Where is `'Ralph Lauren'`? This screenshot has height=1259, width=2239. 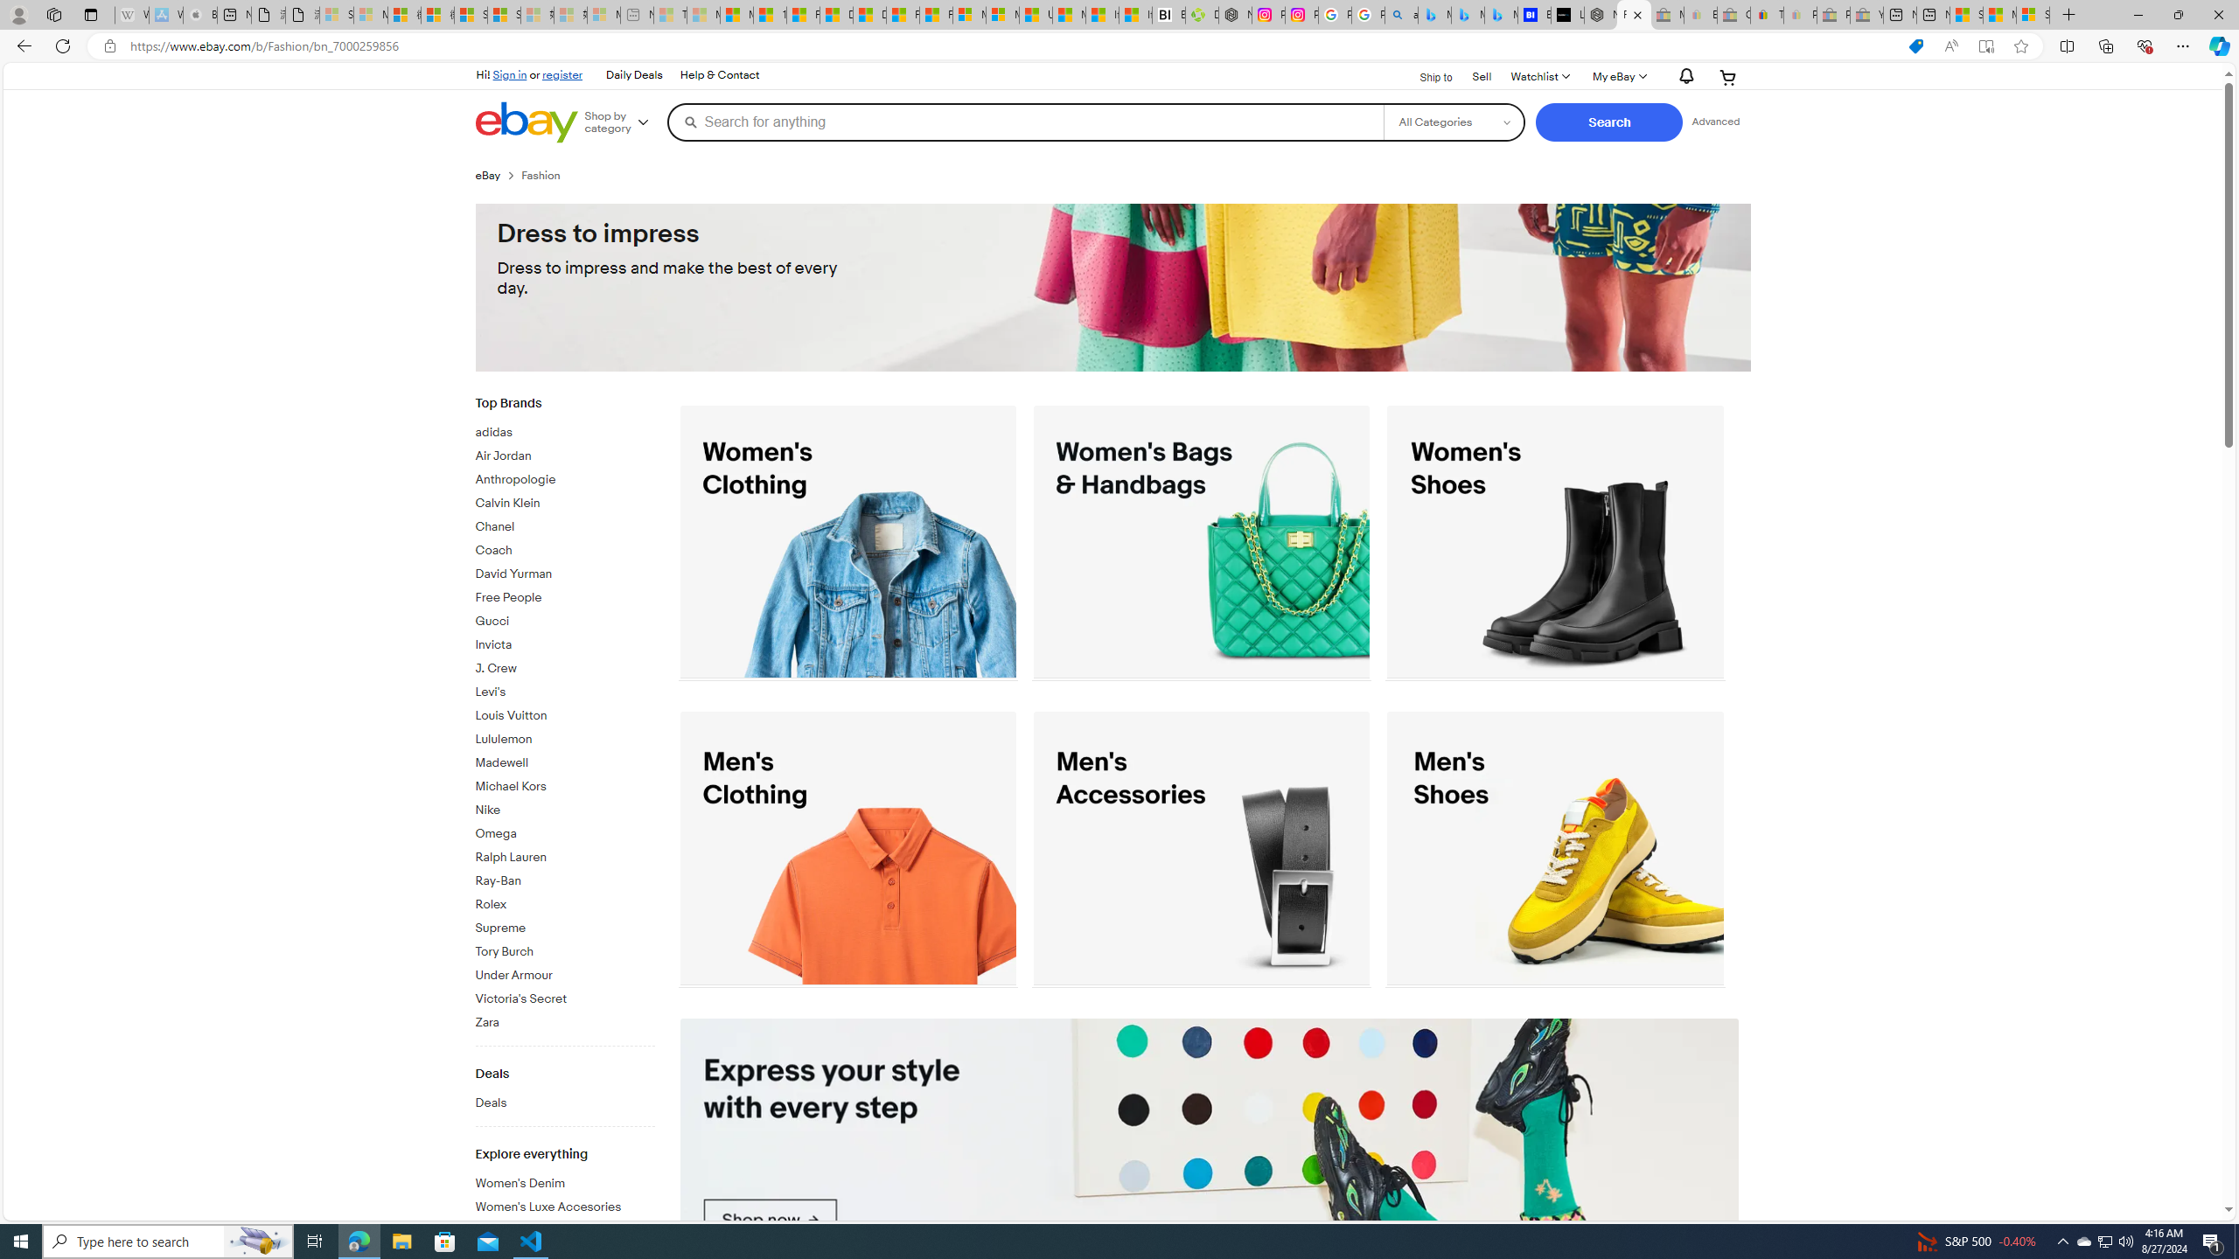
'Ralph Lauren' is located at coordinates (564, 853).